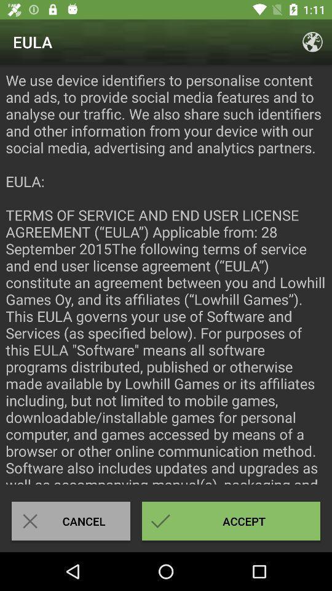 Image resolution: width=332 pixels, height=591 pixels. Describe the element at coordinates (231, 520) in the screenshot. I see `item to the right of the cancel` at that location.